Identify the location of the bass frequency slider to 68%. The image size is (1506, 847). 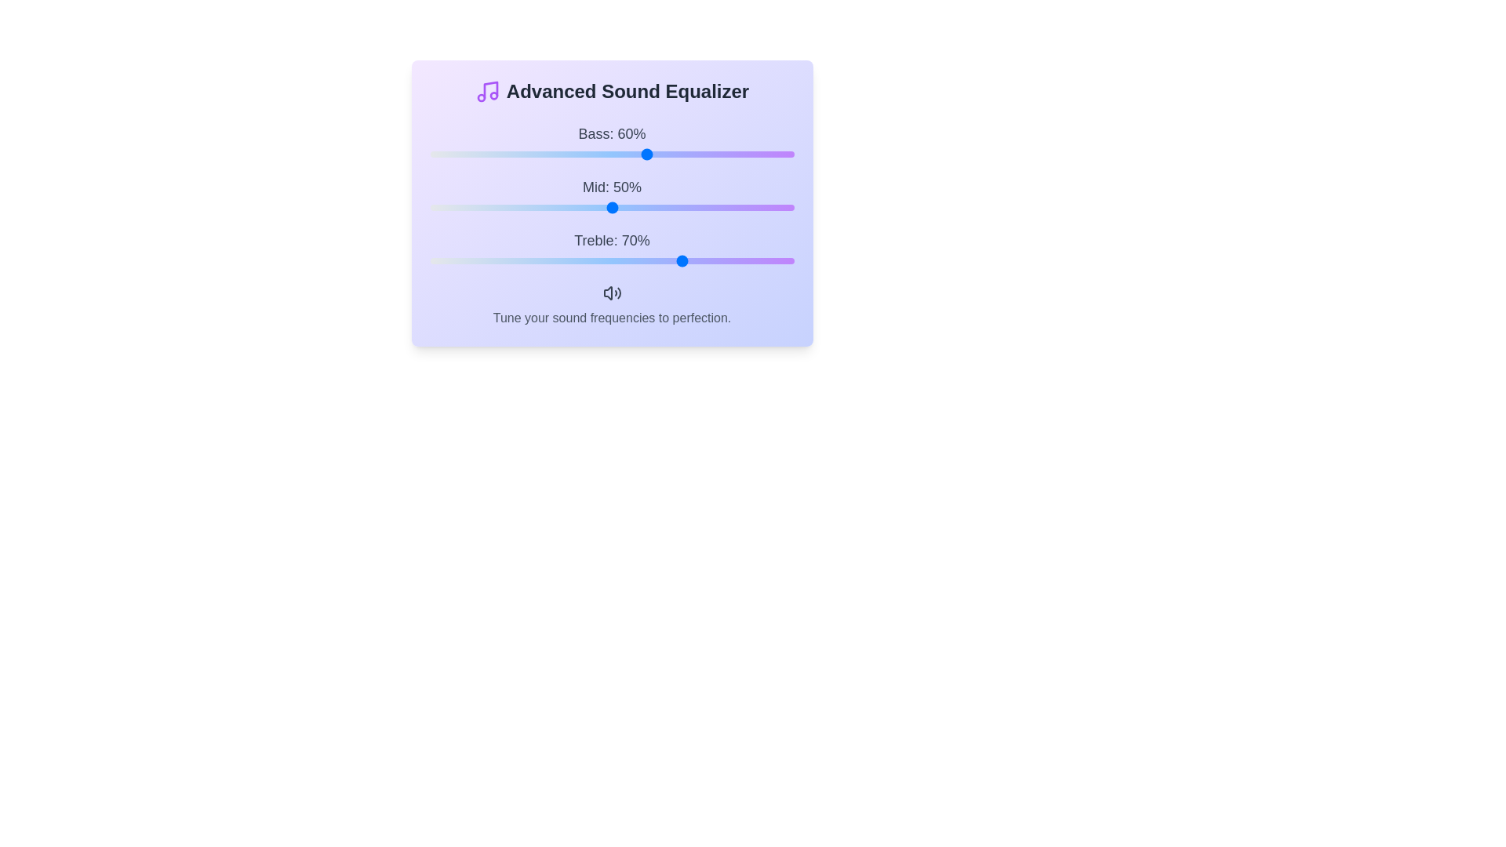
(678, 154).